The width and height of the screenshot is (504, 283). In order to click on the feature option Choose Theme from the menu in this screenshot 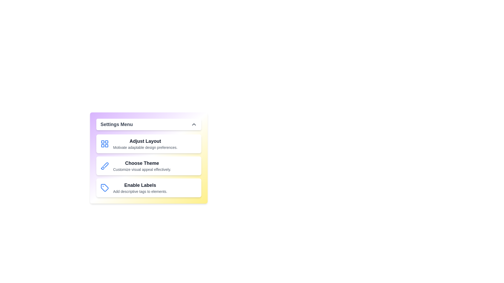, I will do `click(148, 166)`.